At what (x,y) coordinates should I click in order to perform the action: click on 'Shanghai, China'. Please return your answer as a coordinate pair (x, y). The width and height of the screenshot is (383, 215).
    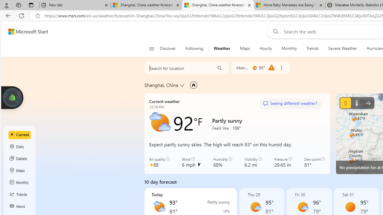
    Looking at the image, I should click on (161, 85).